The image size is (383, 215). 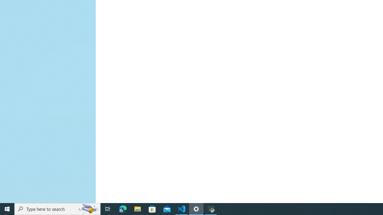 What do you see at coordinates (181, 208) in the screenshot?
I see `'Visual Studio Code - 1 running window'` at bounding box center [181, 208].